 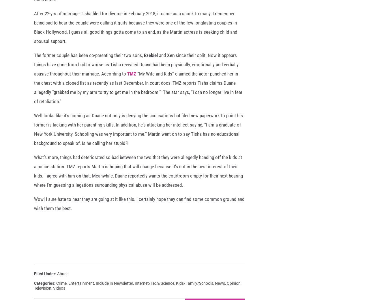 What do you see at coordinates (127, 78) in the screenshot?
I see `'TMZ'` at bounding box center [127, 78].